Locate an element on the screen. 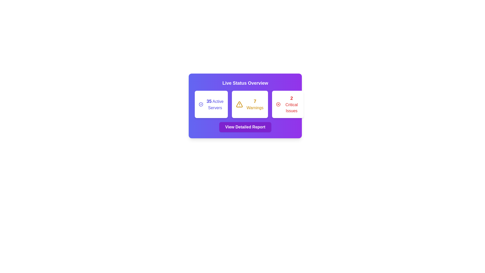  the text label displaying '7 Warnings', which is styled in bold, yellow text on a white card with a rounded border, indicating caution is located at coordinates (255, 104).